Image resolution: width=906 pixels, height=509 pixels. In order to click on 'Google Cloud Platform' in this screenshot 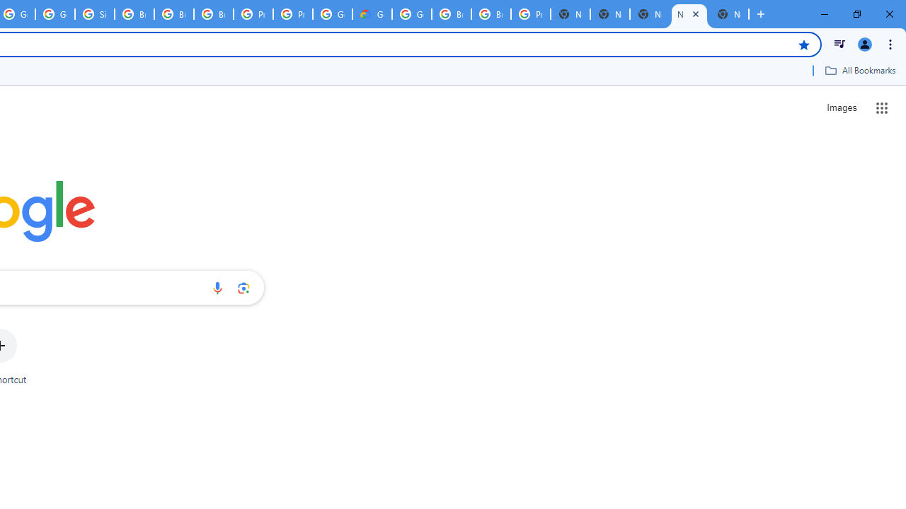, I will do `click(411, 14)`.